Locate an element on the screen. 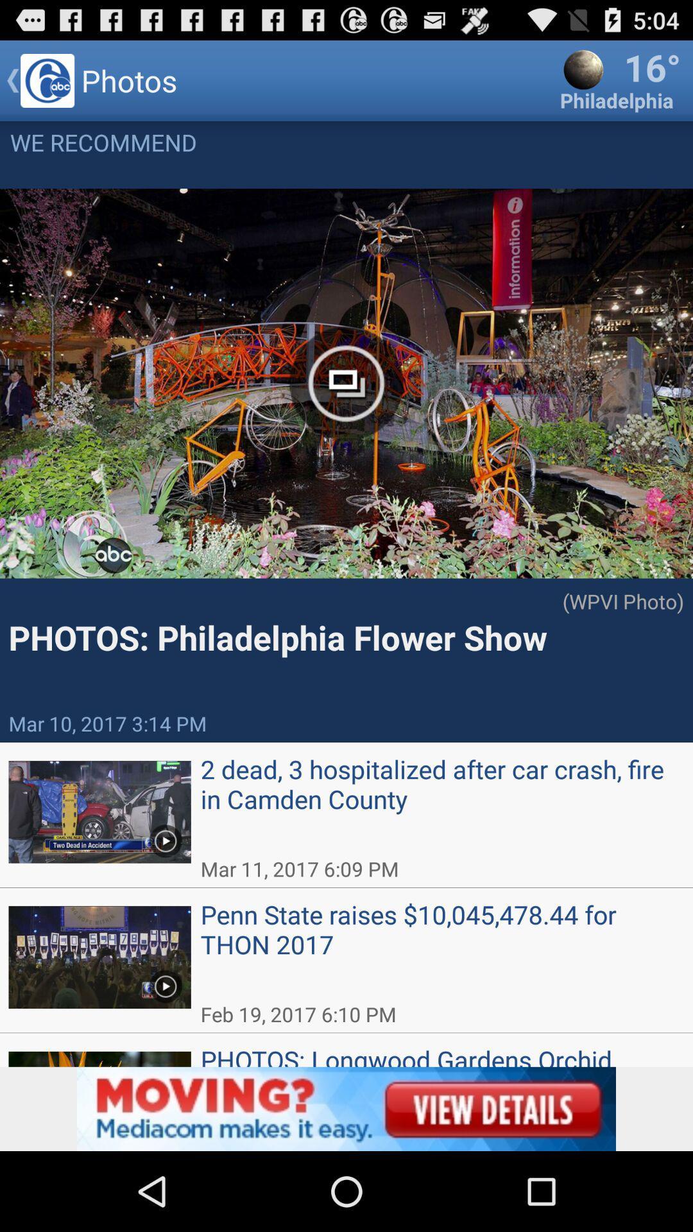 This screenshot has height=1232, width=693. advertisement is located at coordinates (346, 1108).